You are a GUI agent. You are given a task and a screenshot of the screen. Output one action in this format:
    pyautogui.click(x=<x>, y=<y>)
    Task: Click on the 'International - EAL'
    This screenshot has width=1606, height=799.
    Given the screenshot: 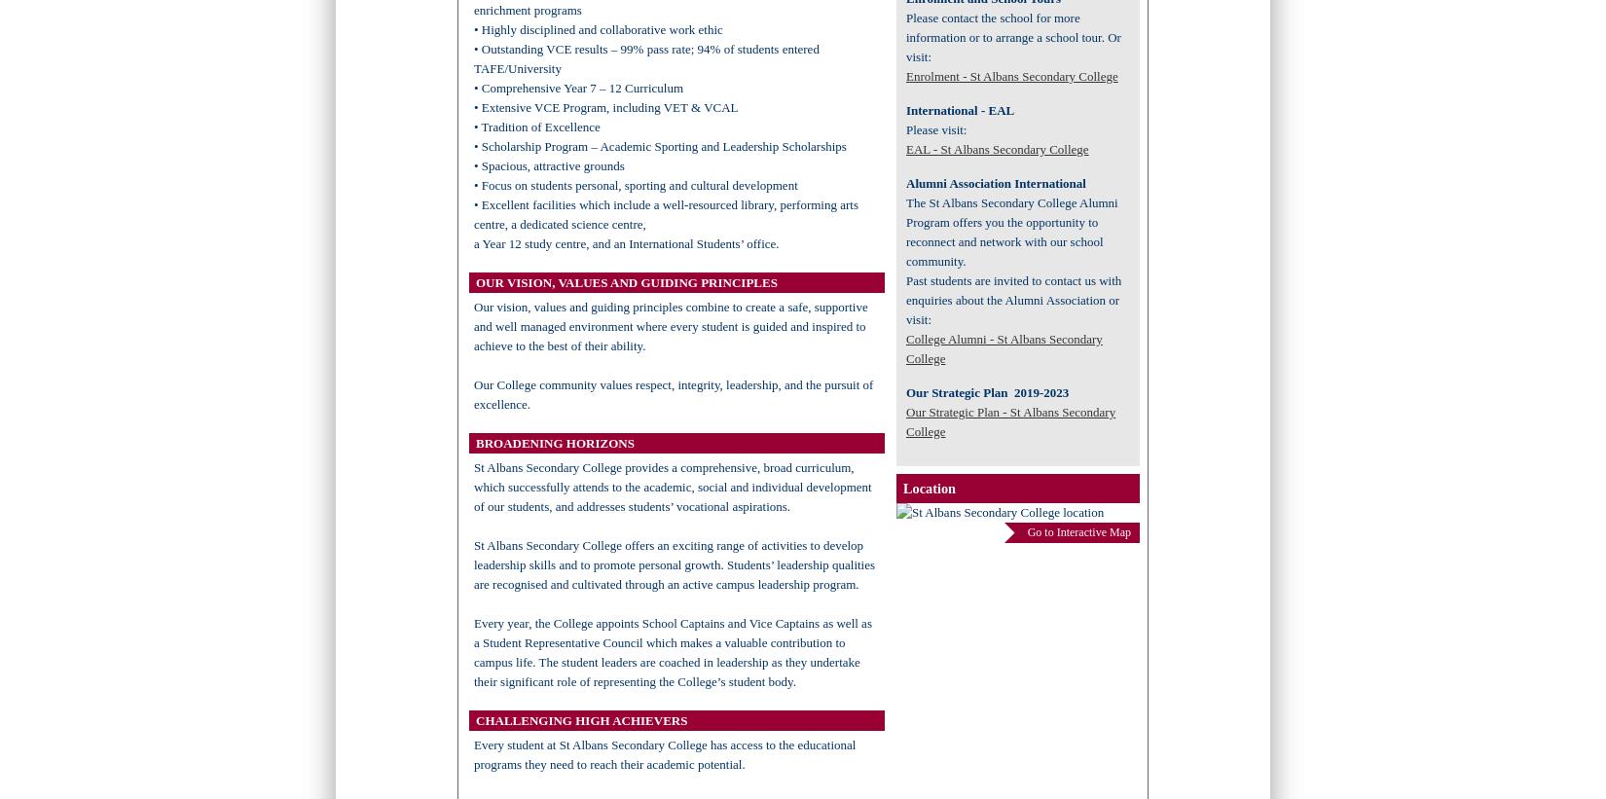 What is the action you would take?
    pyautogui.click(x=960, y=109)
    